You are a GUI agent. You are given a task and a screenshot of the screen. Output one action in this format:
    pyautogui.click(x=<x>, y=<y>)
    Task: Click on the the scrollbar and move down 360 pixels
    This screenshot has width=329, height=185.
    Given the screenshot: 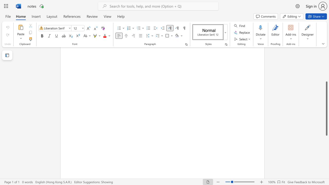 What is the action you would take?
    pyautogui.click(x=326, y=108)
    